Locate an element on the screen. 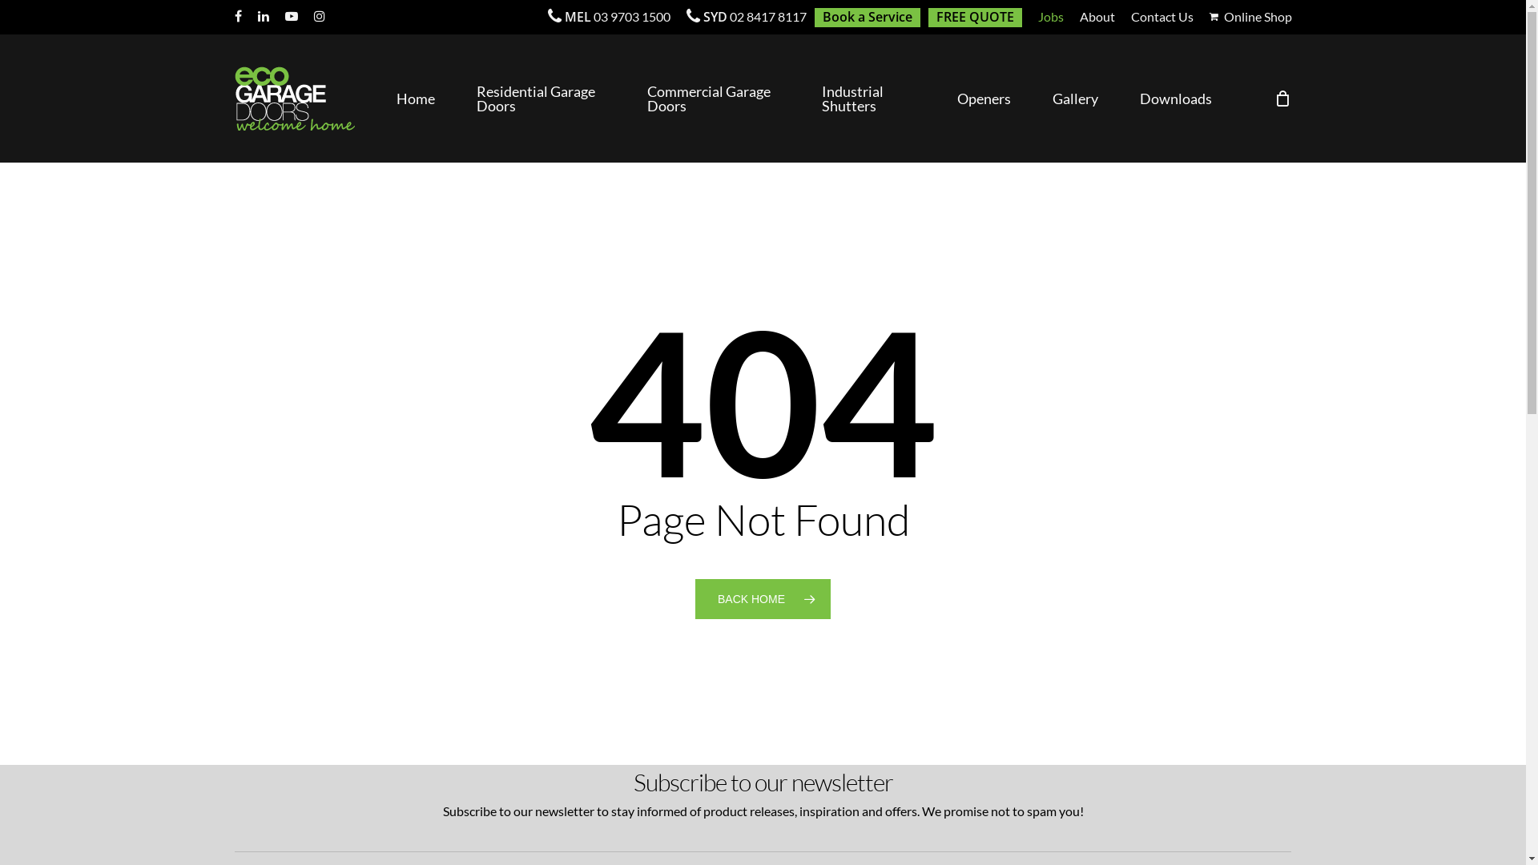 The height and width of the screenshot is (865, 1538). 'Gallery' is located at coordinates (1075, 99).